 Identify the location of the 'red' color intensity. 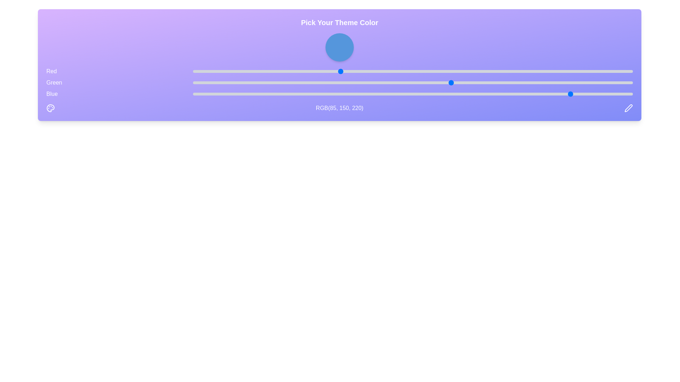
(261, 71).